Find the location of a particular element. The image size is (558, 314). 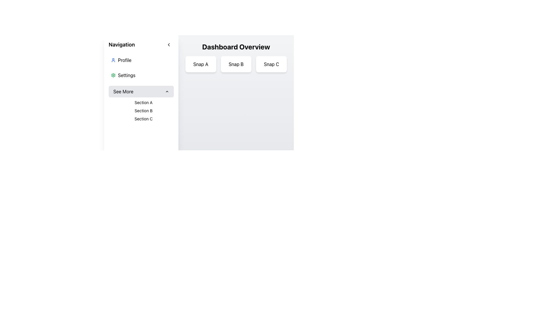

the Text Label that represents the selectable section for 'Section A' in the left navigation panel, located beneath the 'See More' collapsible is located at coordinates (144, 102).